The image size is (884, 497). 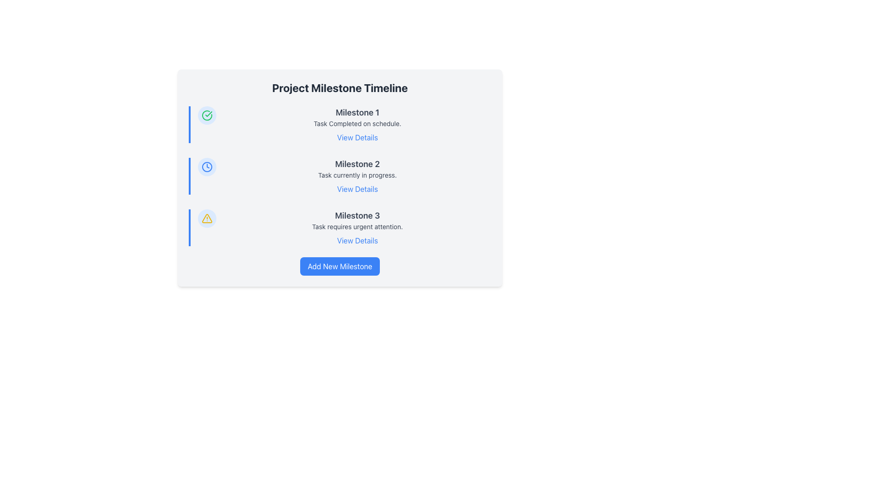 What do you see at coordinates (357, 176) in the screenshot?
I see `text from the second milestone element, which displays 'Milestone 2' and 'Task currently in progress.'` at bounding box center [357, 176].